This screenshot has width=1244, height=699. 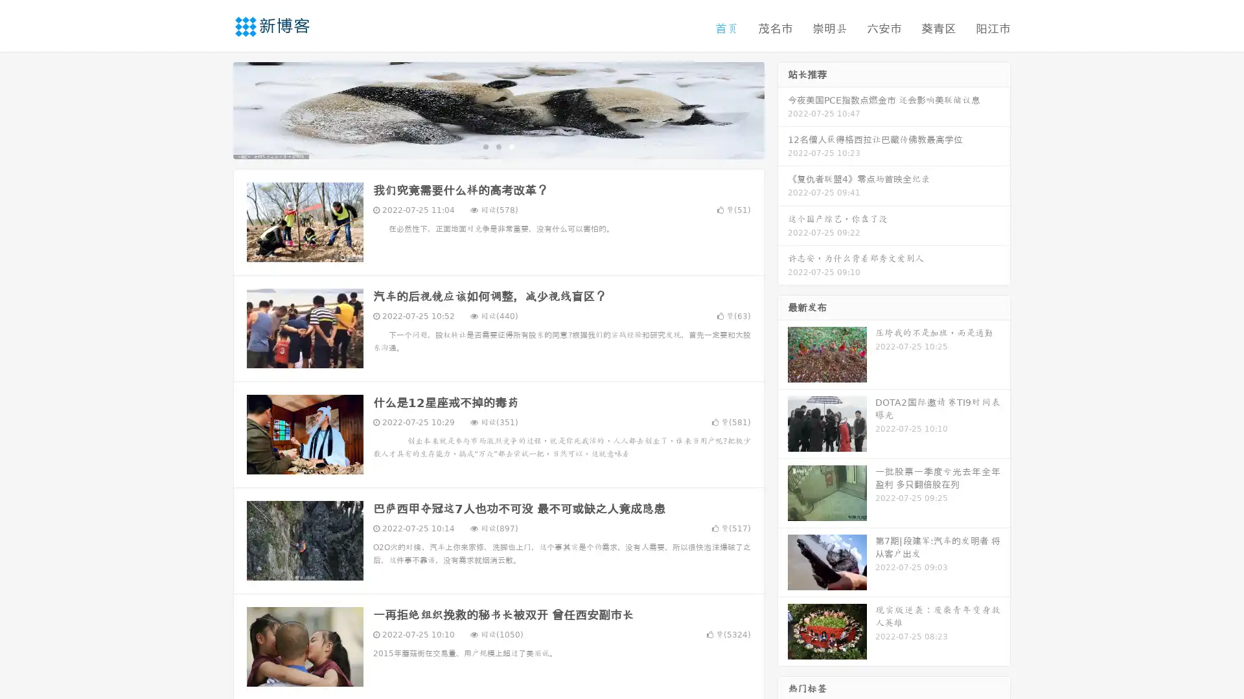 What do you see at coordinates (511, 146) in the screenshot?
I see `Go to slide 3` at bounding box center [511, 146].